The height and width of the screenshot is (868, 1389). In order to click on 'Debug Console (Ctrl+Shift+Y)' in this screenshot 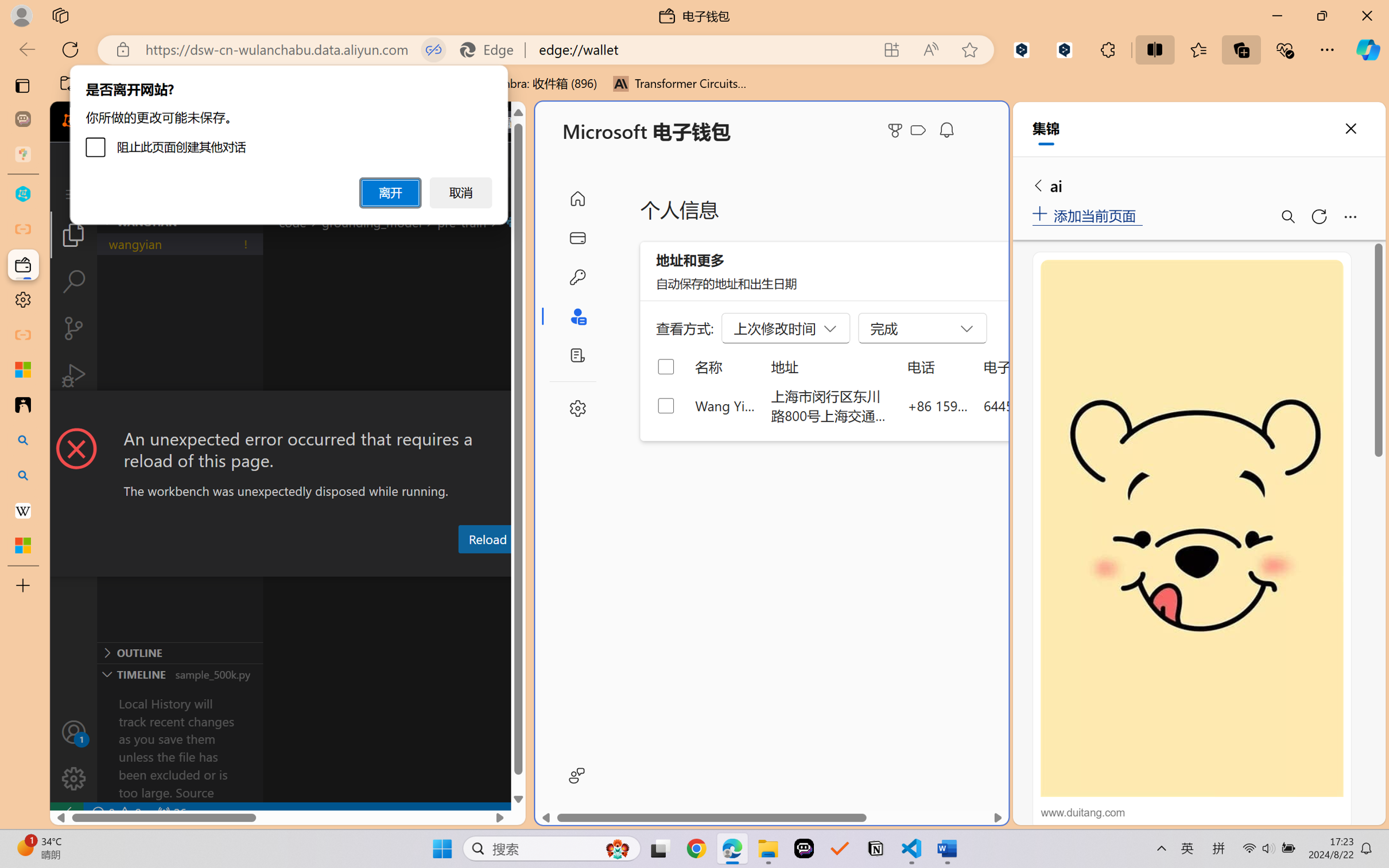, I will do `click(463, 566)`.